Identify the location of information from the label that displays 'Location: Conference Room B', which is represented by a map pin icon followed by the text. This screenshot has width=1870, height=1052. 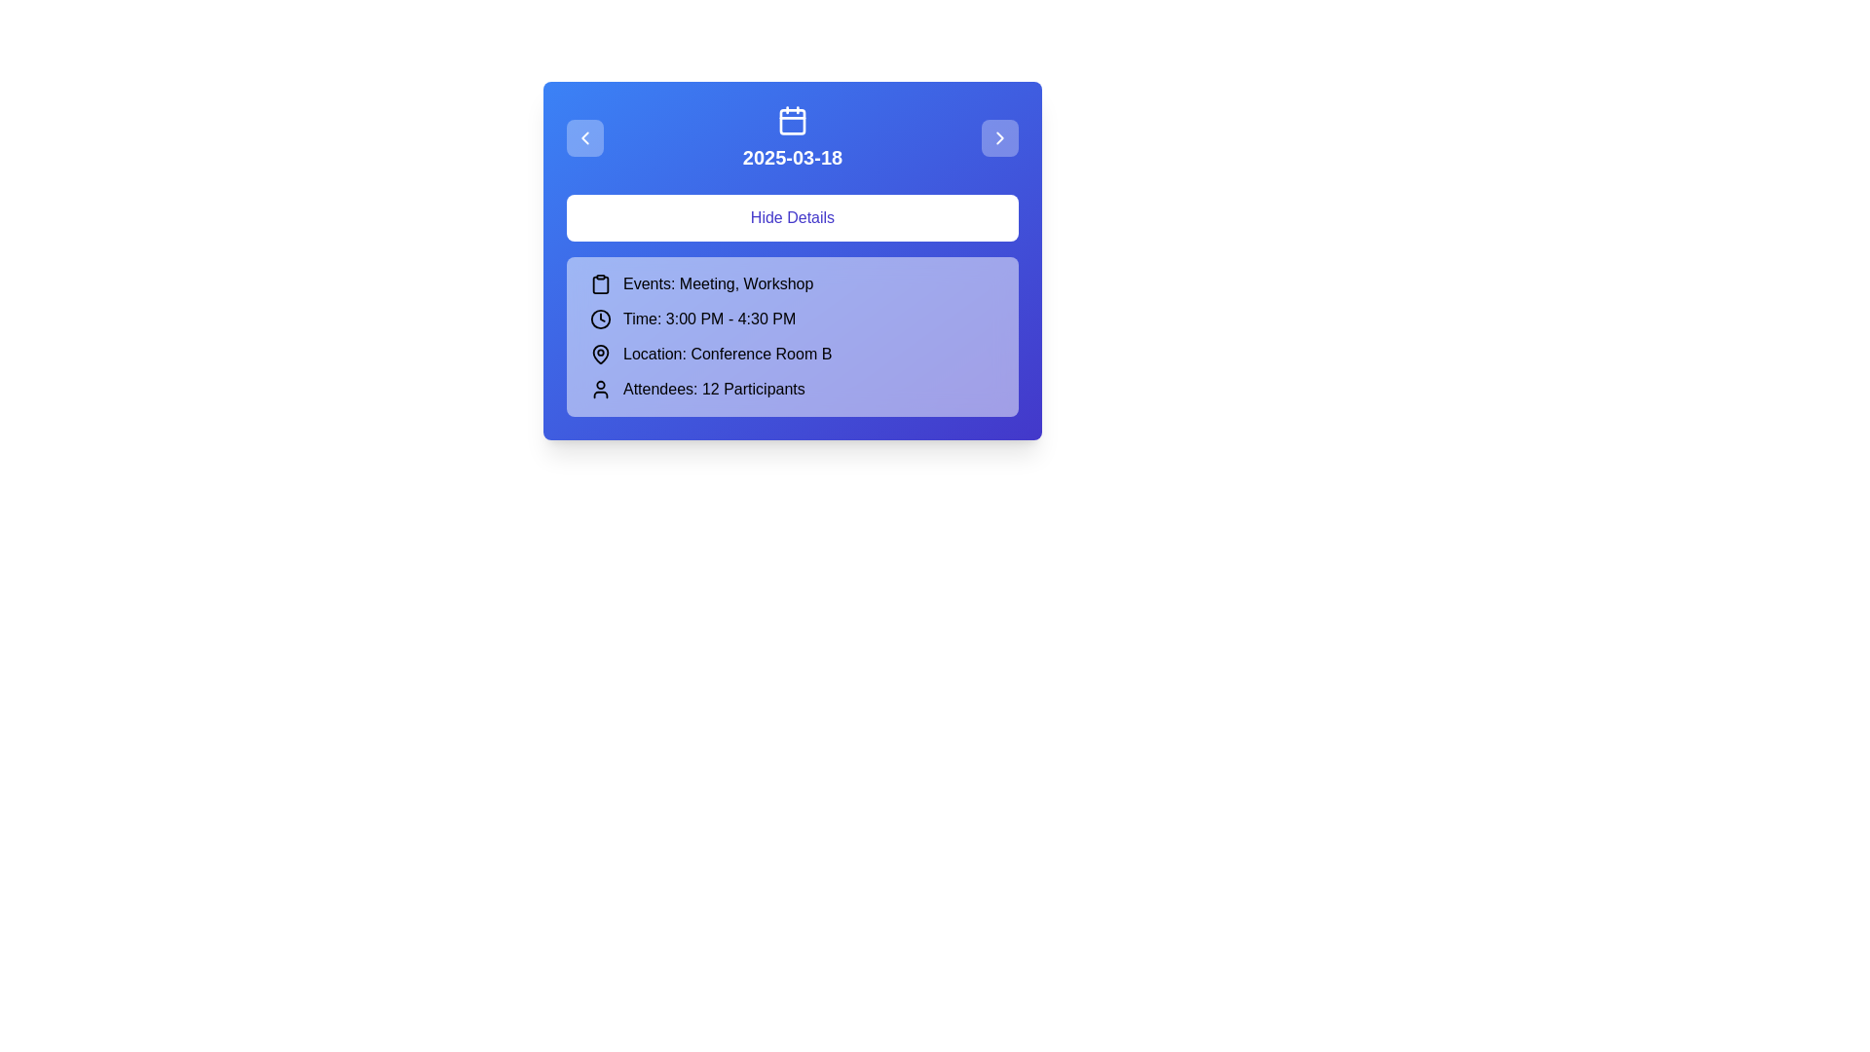
(793, 354).